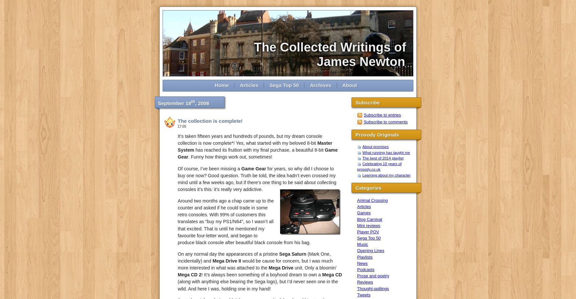 This screenshot has width=576, height=299. Describe the element at coordinates (177, 264) in the screenshot. I see `'would be cause for concern, but I was much more interested in what was attached to the'` at that location.